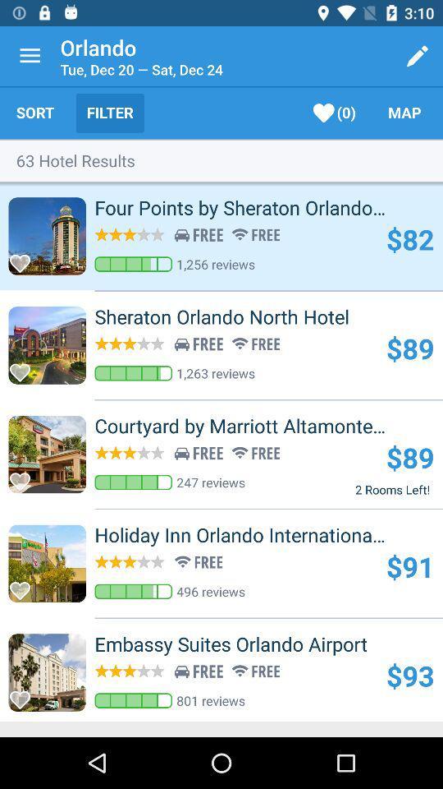 The height and width of the screenshot is (789, 443). I want to click on the icon above the $93 icon, so click(258, 644).